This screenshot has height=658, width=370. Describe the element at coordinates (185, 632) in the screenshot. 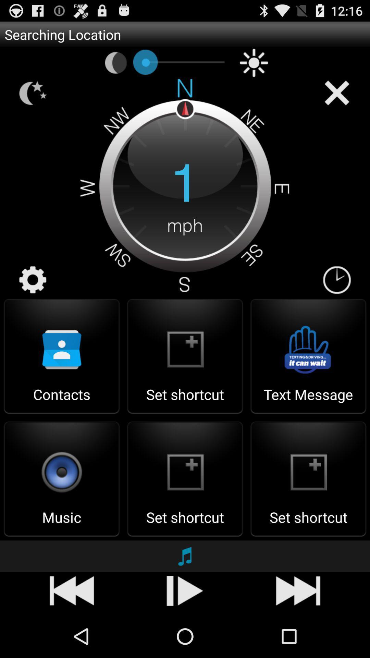

I see `the skip_next icon` at that location.